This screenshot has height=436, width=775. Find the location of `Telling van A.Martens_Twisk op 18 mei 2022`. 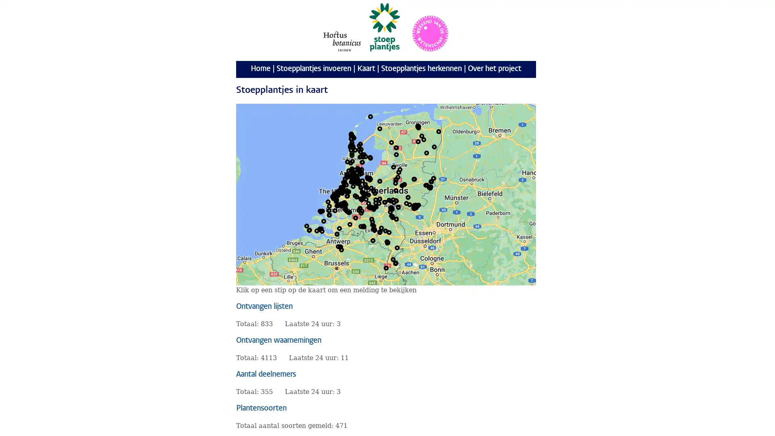

Telling van A.Martens_Twisk op 18 mei 2022 is located at coordinates (351, 170).